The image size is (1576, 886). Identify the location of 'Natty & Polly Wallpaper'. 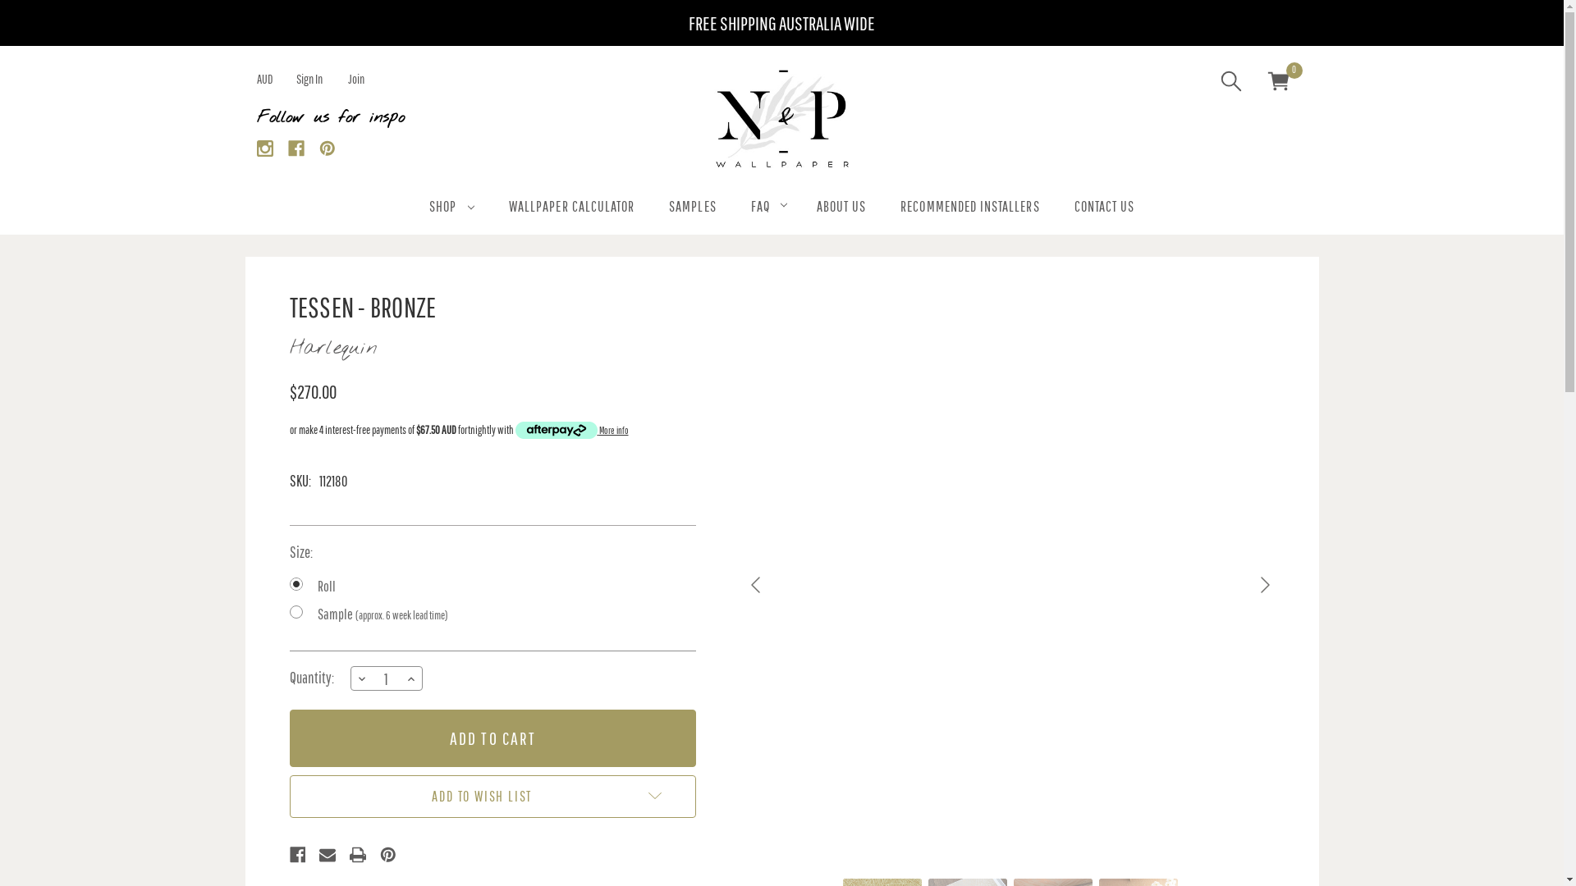
(780, 118).